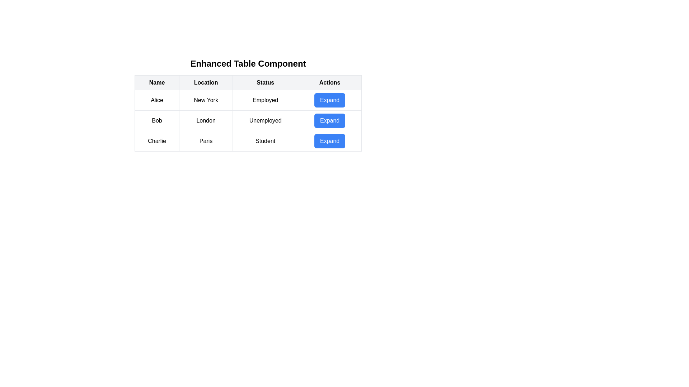 Image resolution: width=689 pixels, height=387 pixels. I want to click on the first button in the 'Actions' column of the first row of the table, so click(329, 100).